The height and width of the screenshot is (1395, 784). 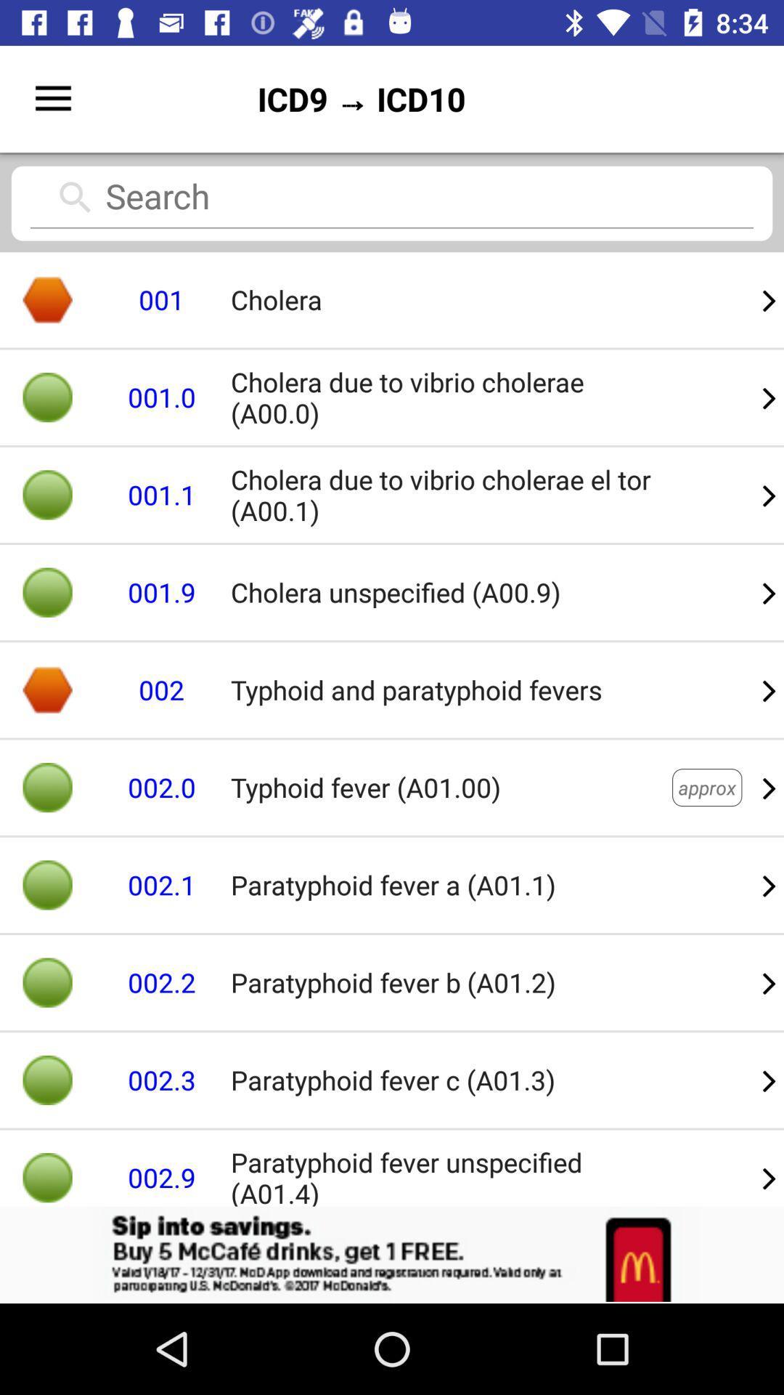 What do you see at coordinates (769, 884) in the screenshot?
I see `item to the right of the typhoid fever a01 item` at bounding box center [769, 884].